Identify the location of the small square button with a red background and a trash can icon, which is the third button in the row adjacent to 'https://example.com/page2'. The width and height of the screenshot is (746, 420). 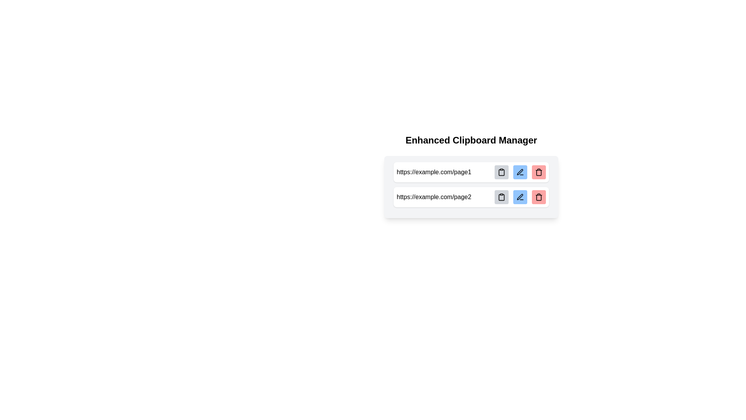
(539, 196).